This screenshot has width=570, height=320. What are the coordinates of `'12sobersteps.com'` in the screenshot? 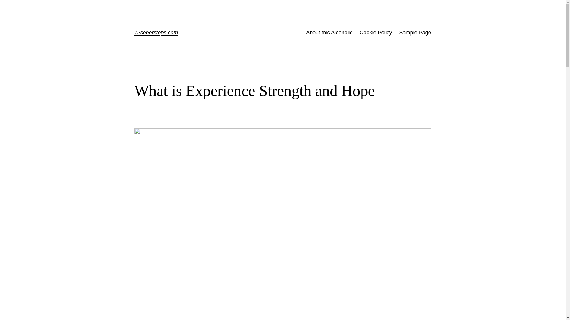 It's located at (156, 33).